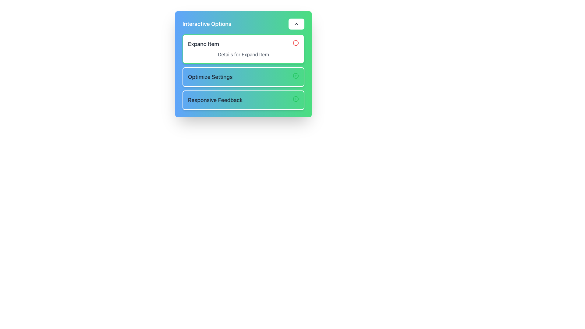  I want to click on the SVG circle component located within the 'Optimize Settings' button, positioned to the right side of its label text, so click(296, 76).